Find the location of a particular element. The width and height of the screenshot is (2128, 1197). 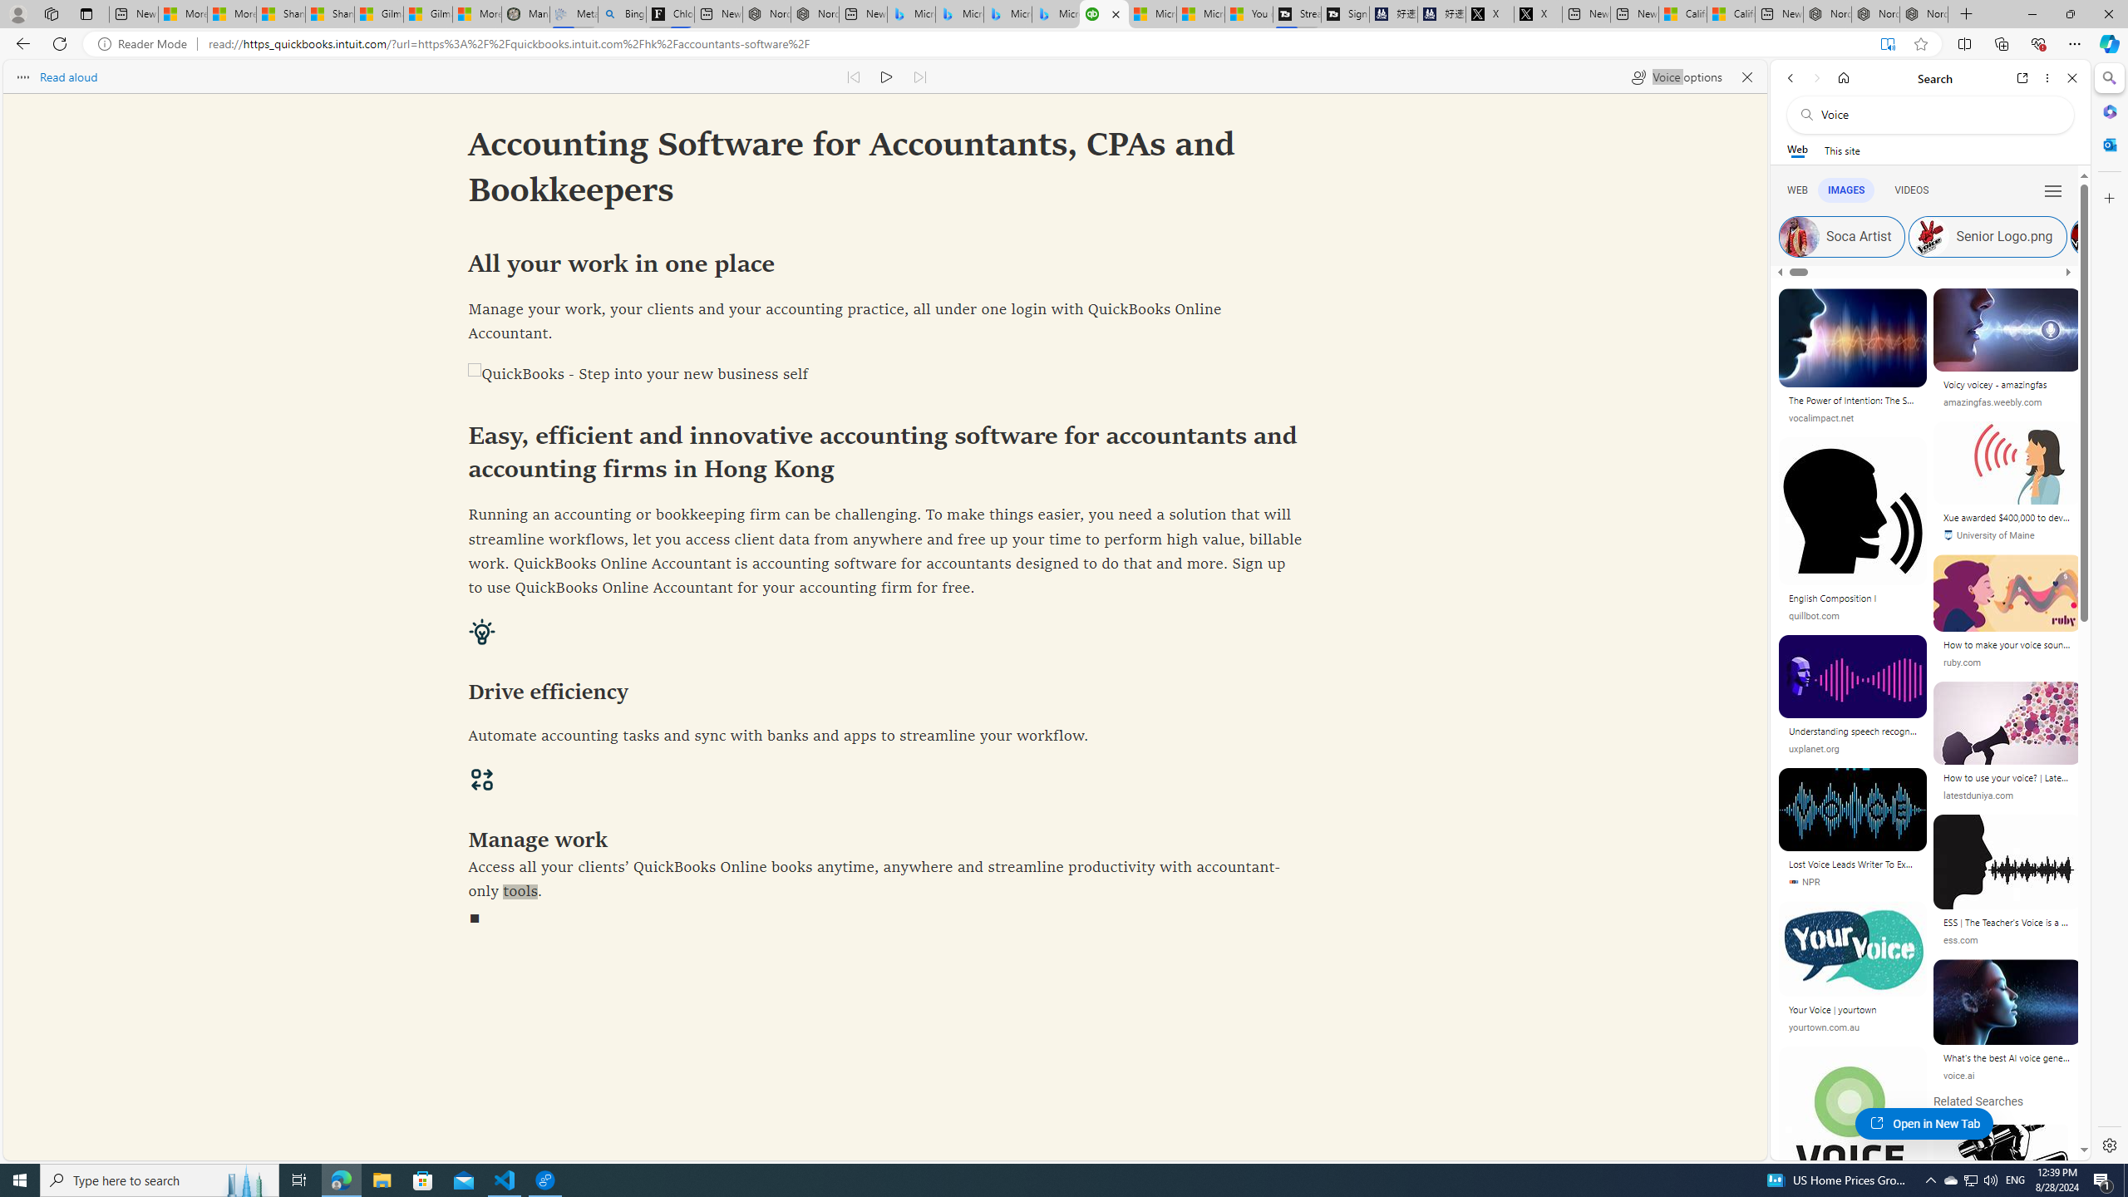

'VIDEOS' is located at coordinates (1911, 190).